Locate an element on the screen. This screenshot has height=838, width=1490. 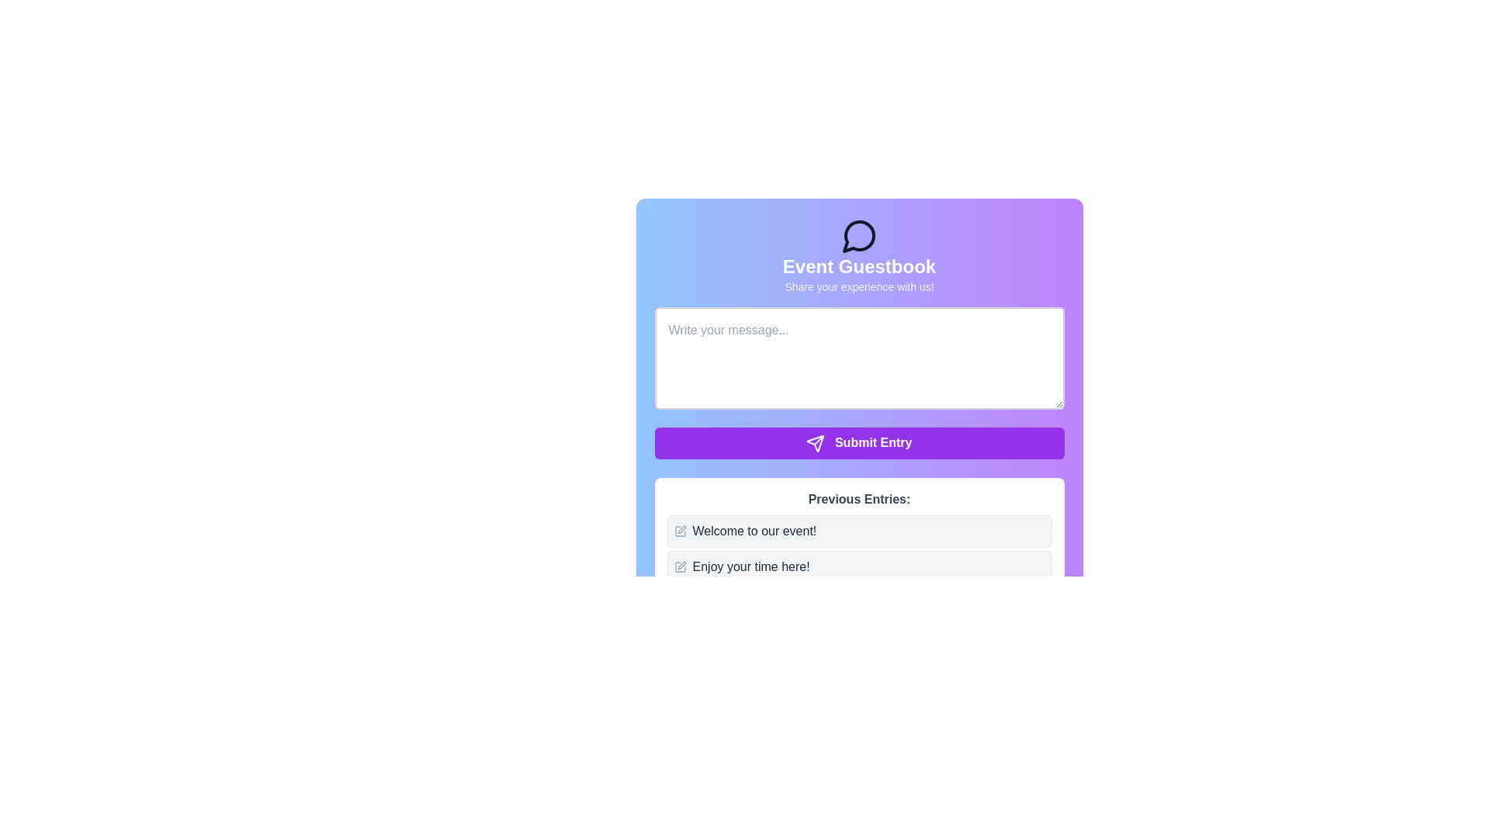
the upward-pointing triangular glyph styled as an arrow, which is located on the left side of the 'Submit Entry' button is located at coordinates (815, 443).